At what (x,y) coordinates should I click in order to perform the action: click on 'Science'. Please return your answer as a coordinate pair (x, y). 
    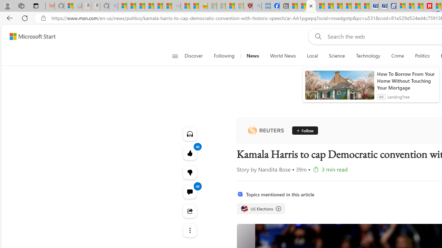
    Looking at the image, I should click on (337, 56).